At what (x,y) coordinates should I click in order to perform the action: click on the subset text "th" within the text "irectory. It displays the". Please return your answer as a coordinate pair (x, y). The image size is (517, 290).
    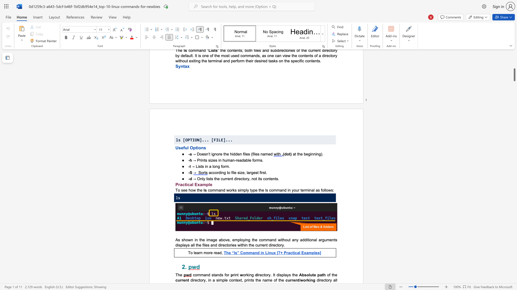
    Looking at the image, I should click on (292, 275).